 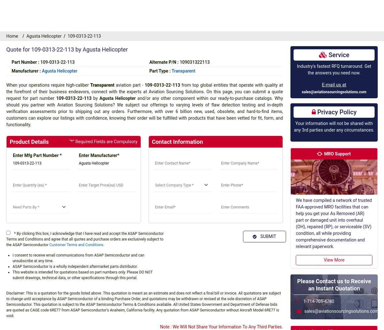 I want to click on 'View More', so click(x=334, y=147).